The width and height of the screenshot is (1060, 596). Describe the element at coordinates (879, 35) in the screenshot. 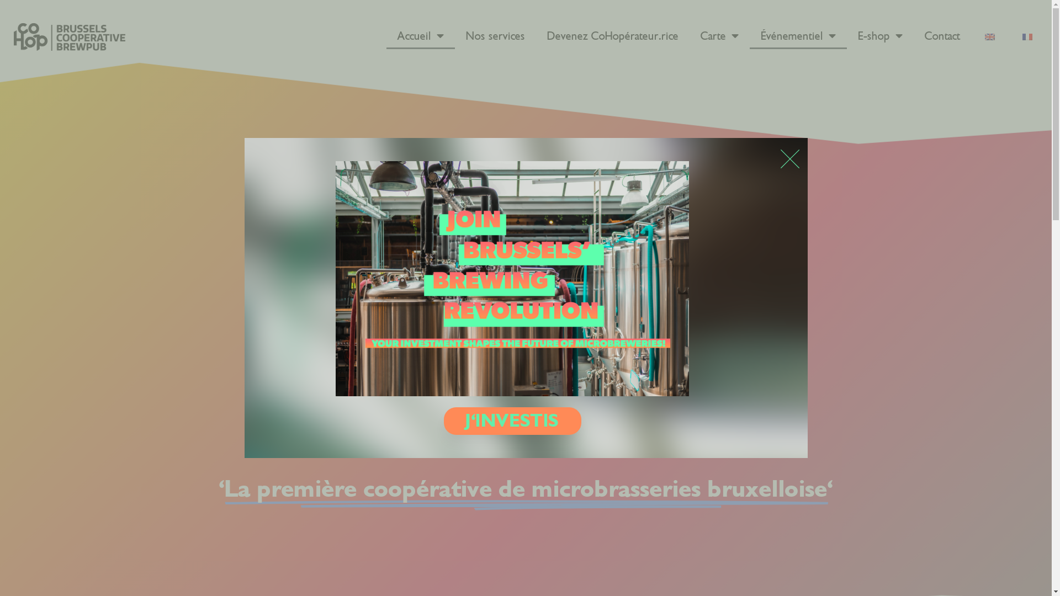

I see `'E-shop'` at that location.